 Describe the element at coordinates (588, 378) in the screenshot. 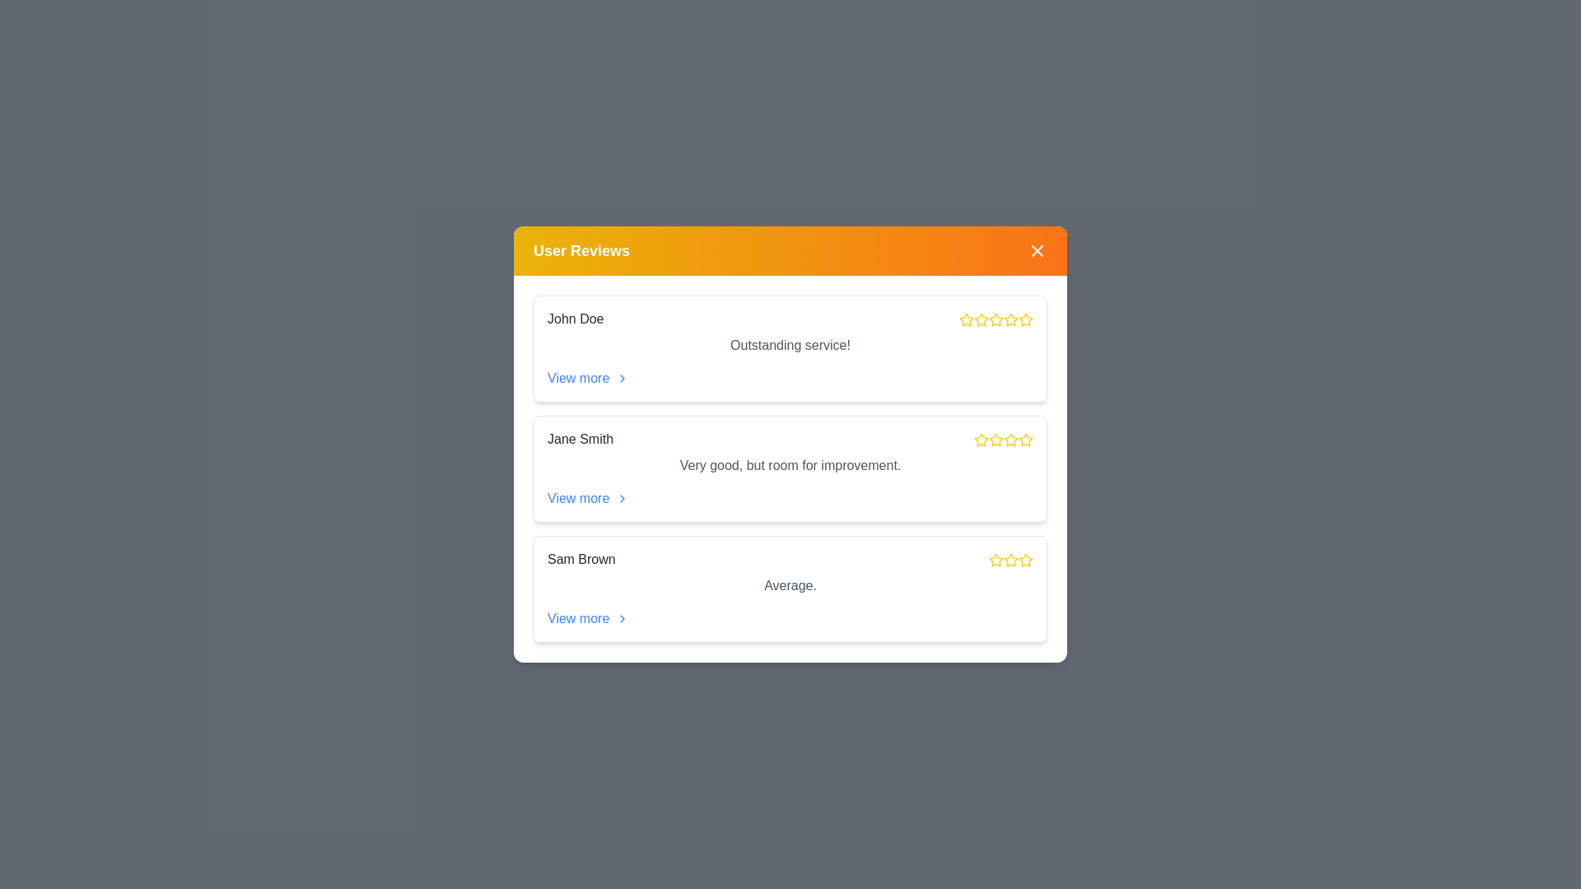

I see `the 'View more' link for the review by John Doe` at that location.